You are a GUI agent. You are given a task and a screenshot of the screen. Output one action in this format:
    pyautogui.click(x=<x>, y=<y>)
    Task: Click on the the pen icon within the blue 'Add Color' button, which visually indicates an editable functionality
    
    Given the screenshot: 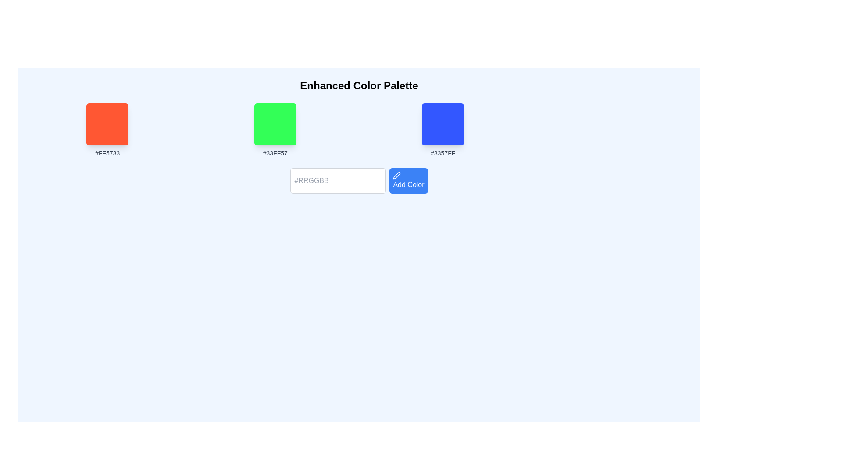 What is the action you would take?
    pyautogui.click(x=396, y=176)
    